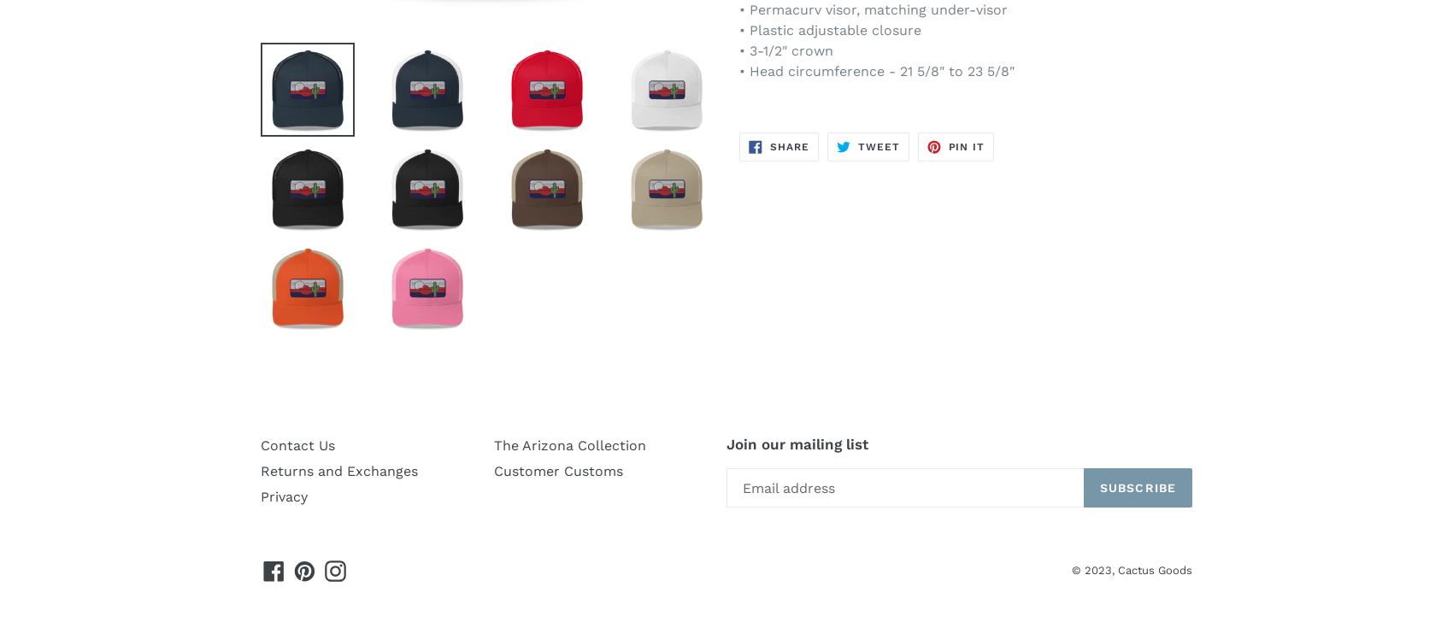  Describe the element at coordinates (260, 445) in the screenshot. I see `'Contact Us'` at that location.